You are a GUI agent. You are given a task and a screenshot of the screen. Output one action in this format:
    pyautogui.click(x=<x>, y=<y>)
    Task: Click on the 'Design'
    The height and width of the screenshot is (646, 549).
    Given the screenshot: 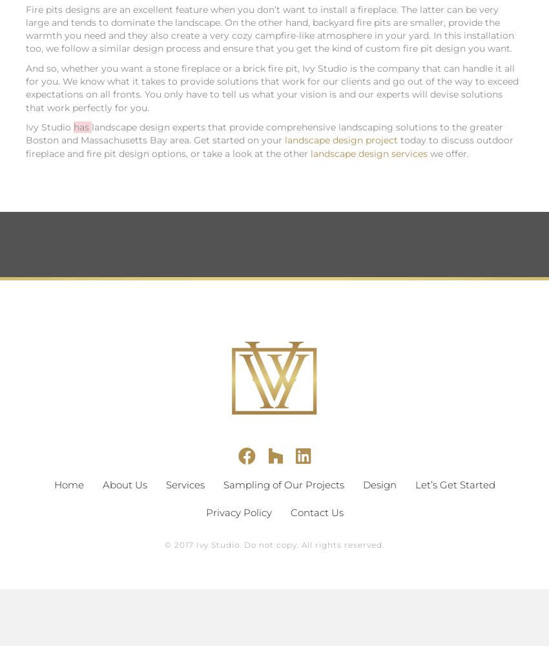 What is the action you would take?
    pyautogui.click(x=362, y=483)
    